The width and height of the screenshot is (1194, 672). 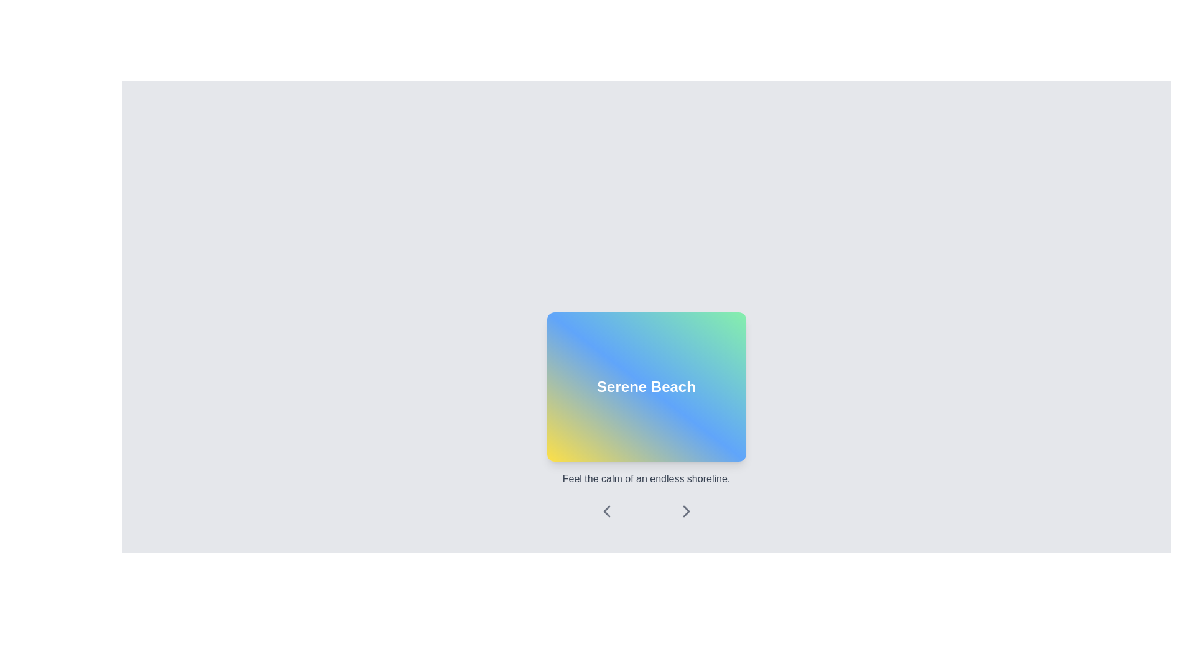 I want to click on the leftward-pointing chevron icon button, styled with a hollow outline, so click(x=606, y=511).